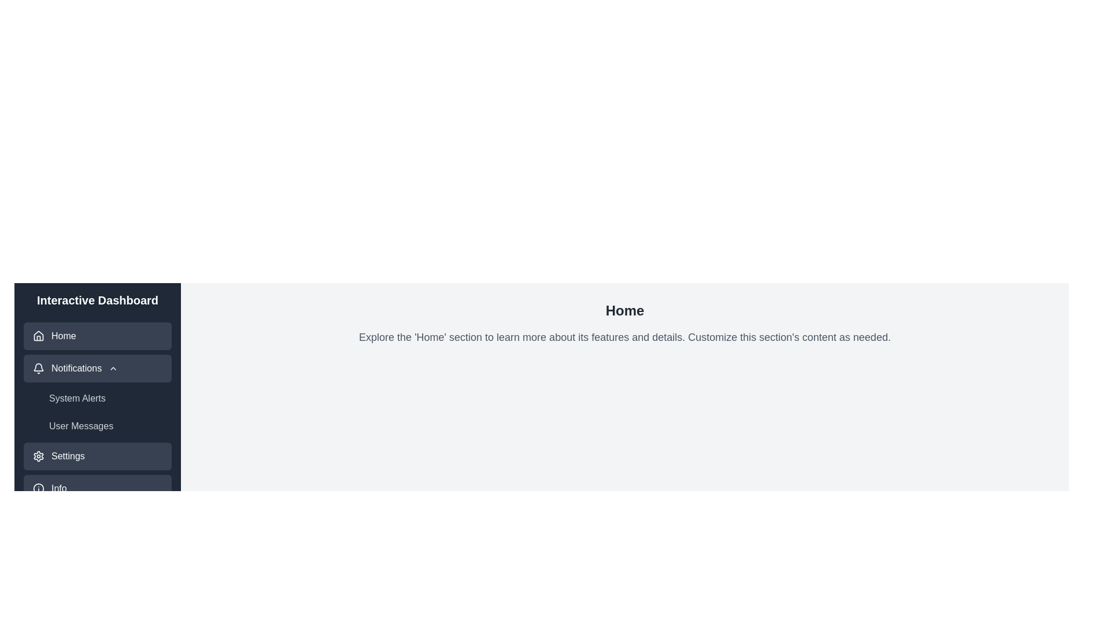 The image size is (1110, 624). I want to click on the Chevron Up icon located to the far right of the 'Notifications' item in the sidebar menu to potentially reveal a tooltip, so click(113, 368).